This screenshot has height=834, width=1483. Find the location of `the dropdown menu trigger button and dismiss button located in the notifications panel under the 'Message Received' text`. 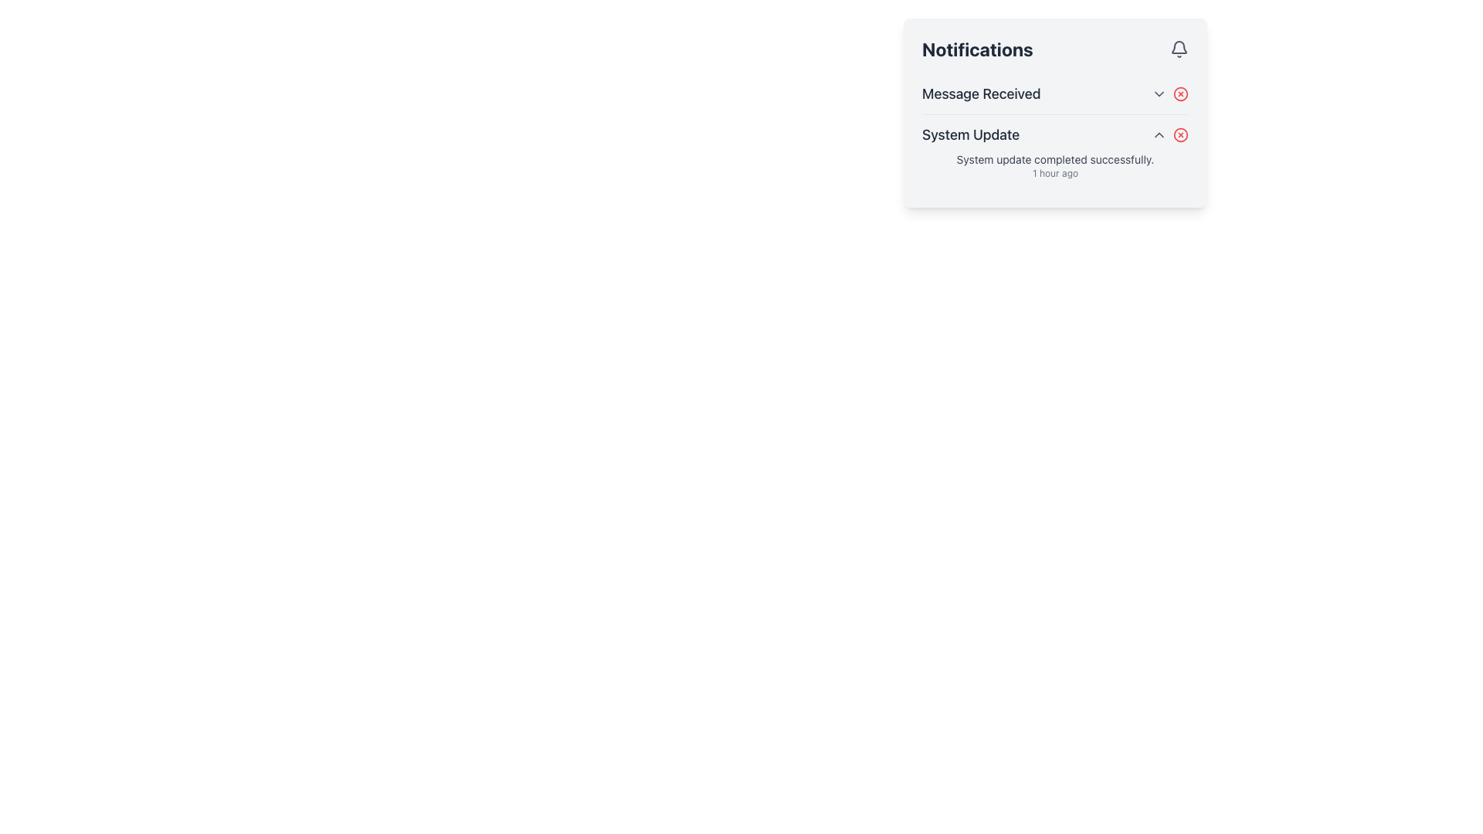

the dropdown menu trigger button and dismiss button located in the notifications panel under the 'Message Received' text is located at coordinates (1170, 94).